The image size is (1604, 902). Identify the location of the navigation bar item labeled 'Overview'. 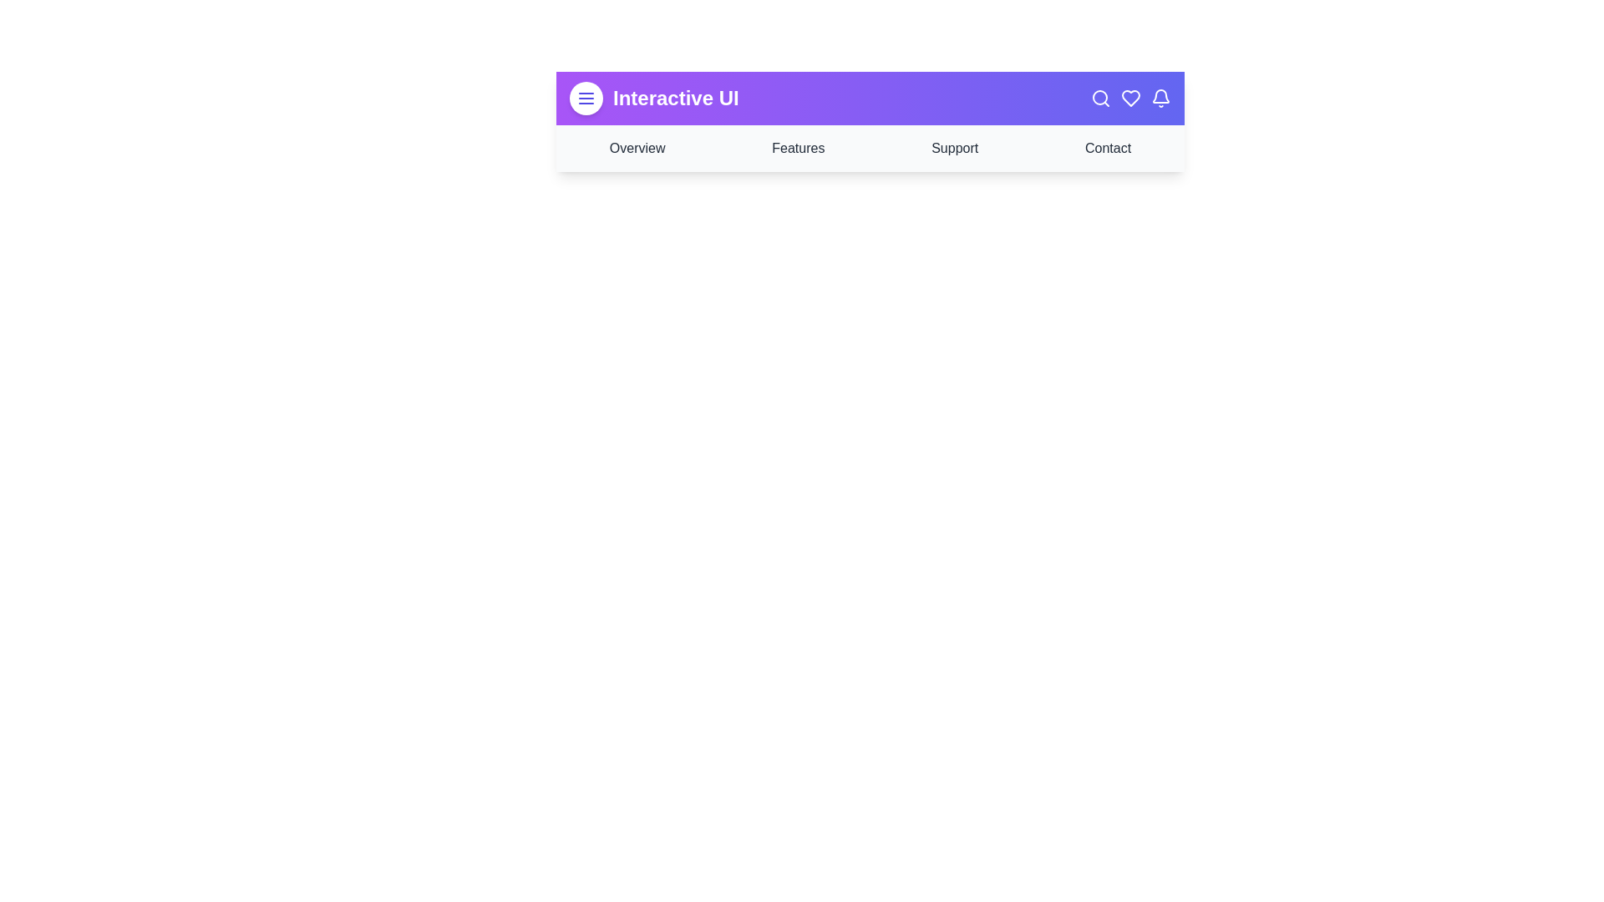
(637, 147).